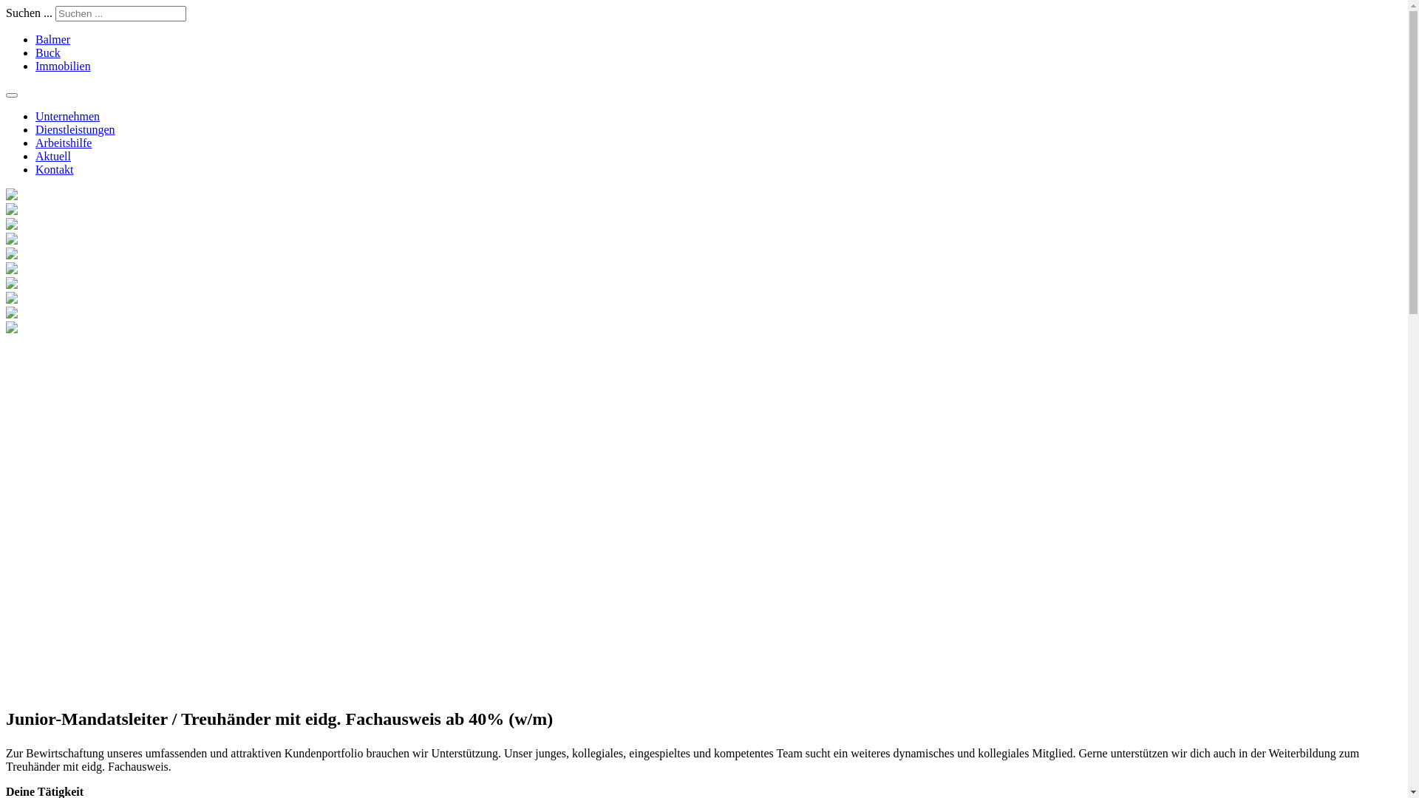 This screenshot has width=1419, height=798. What do you see at coordinates (74, 129) in the screenshot?
I see `'Dienstleistungen'` at bounding box center [74, 129].